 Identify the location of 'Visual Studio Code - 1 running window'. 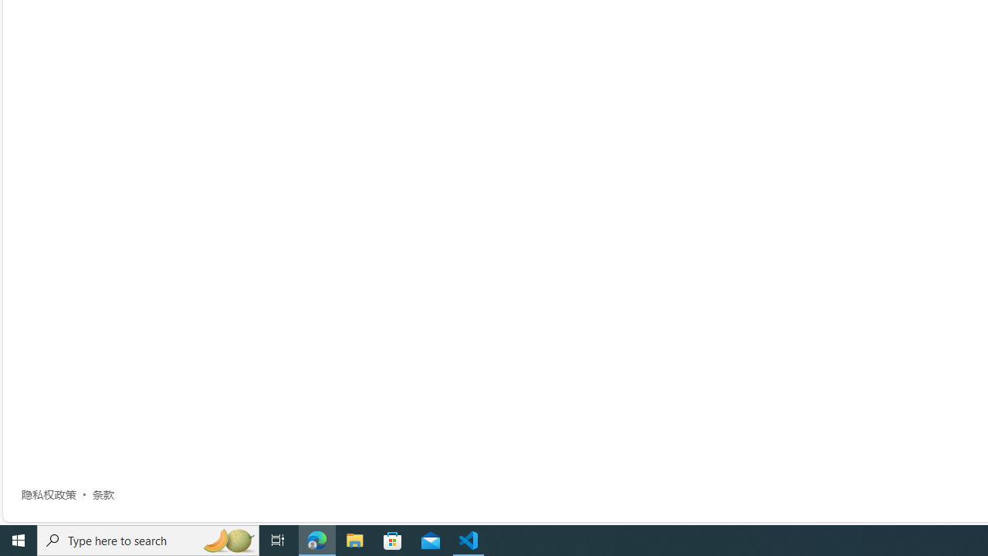
(468, 539).